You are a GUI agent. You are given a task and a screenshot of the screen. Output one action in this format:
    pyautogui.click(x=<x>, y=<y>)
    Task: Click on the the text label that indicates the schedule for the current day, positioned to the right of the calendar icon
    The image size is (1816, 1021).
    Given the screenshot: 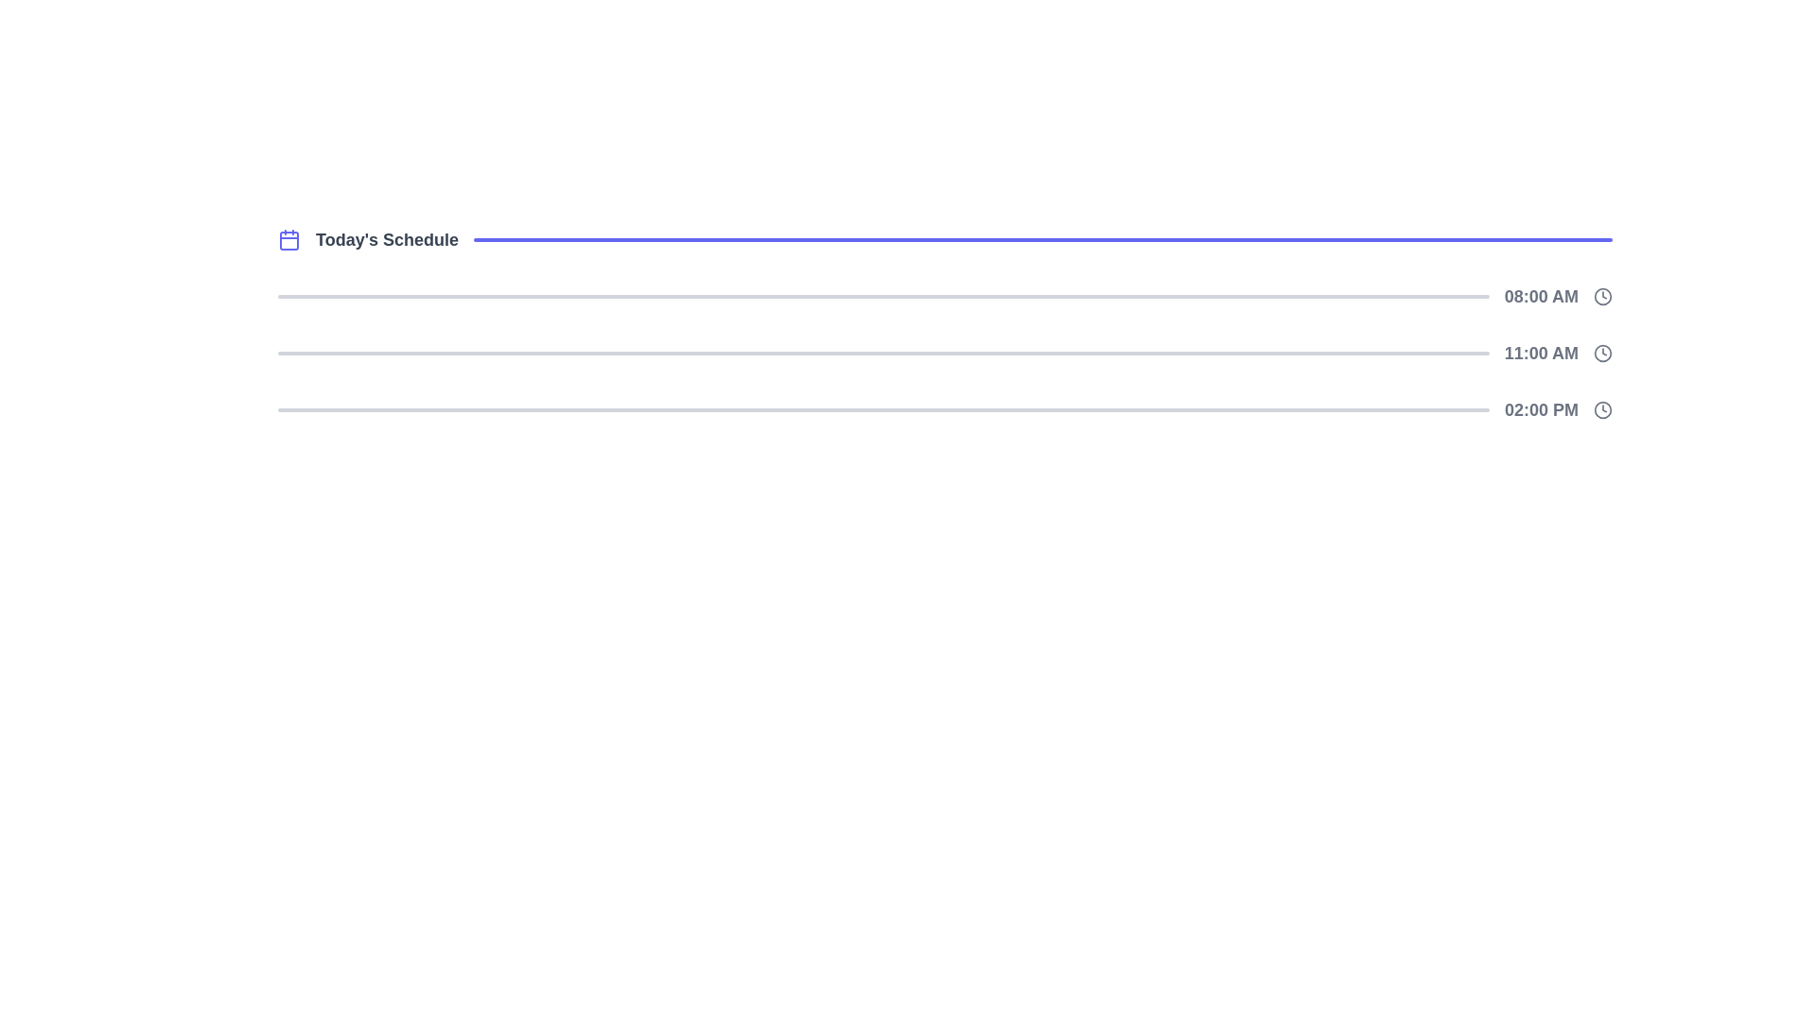 What is the action you would take?
    pyautogui.click(x=386, y=239)
    